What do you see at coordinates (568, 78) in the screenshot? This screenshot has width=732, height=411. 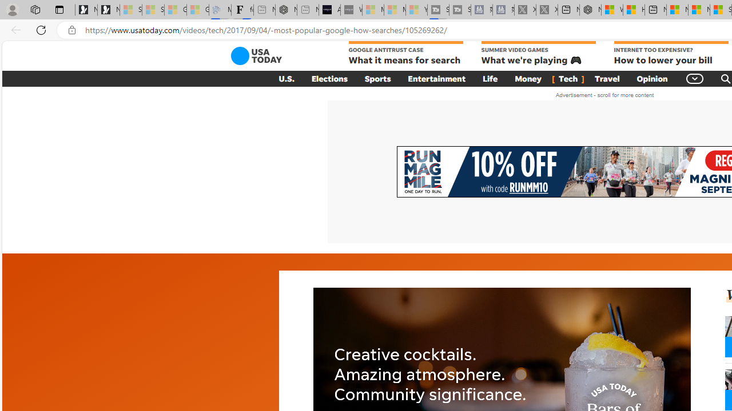 I see `'[ Tech ]'` at bounding box center [568, 78].